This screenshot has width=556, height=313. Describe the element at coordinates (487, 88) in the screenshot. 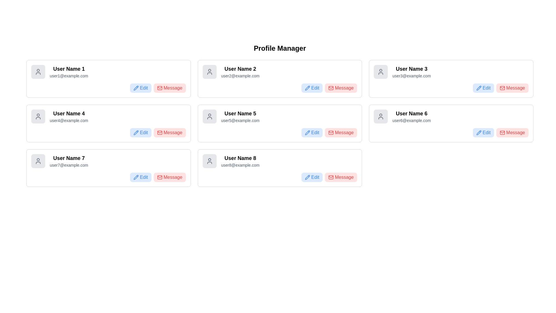

I see `text displayed on the label associated with the 'Edit' button, which is positioned under the 'User Name 3' card in the profile grid` at that location.